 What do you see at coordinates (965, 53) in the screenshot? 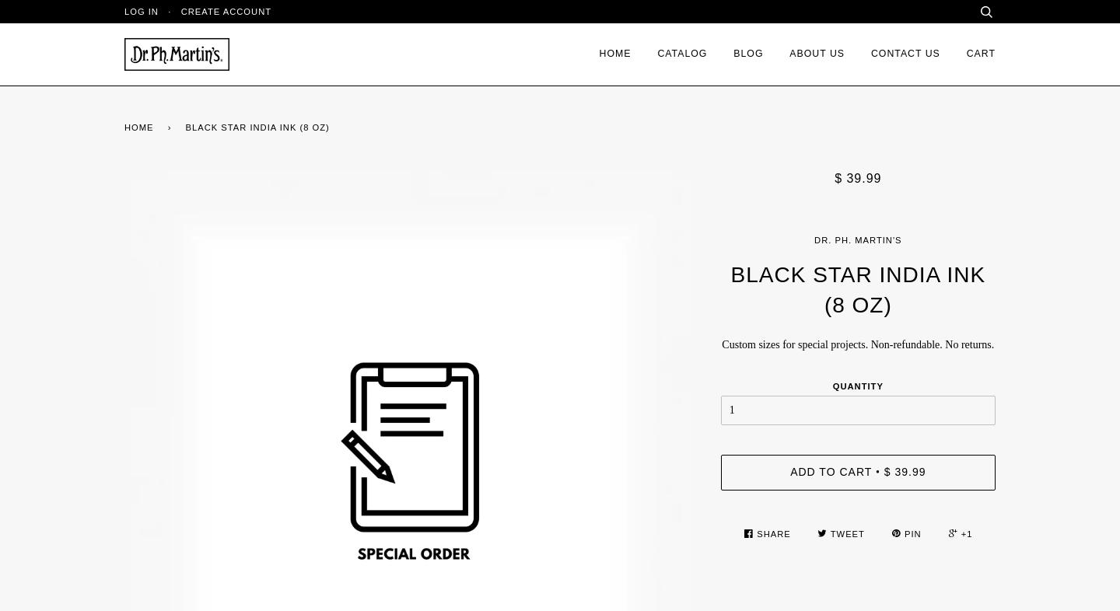
I see `'Cart'` at bounding box center [965, 53].